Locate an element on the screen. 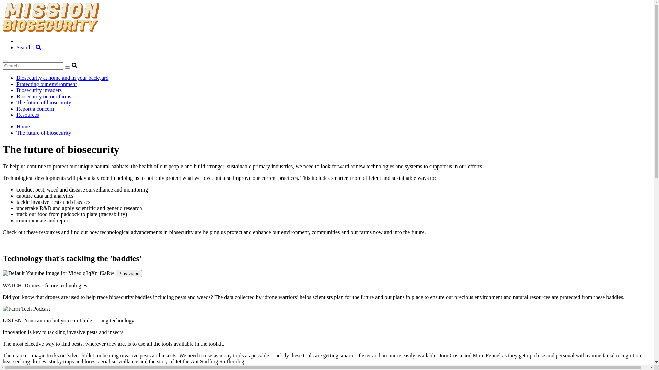 The image size is (659, 370). 'Play video' is located at coordinates (129, 273).